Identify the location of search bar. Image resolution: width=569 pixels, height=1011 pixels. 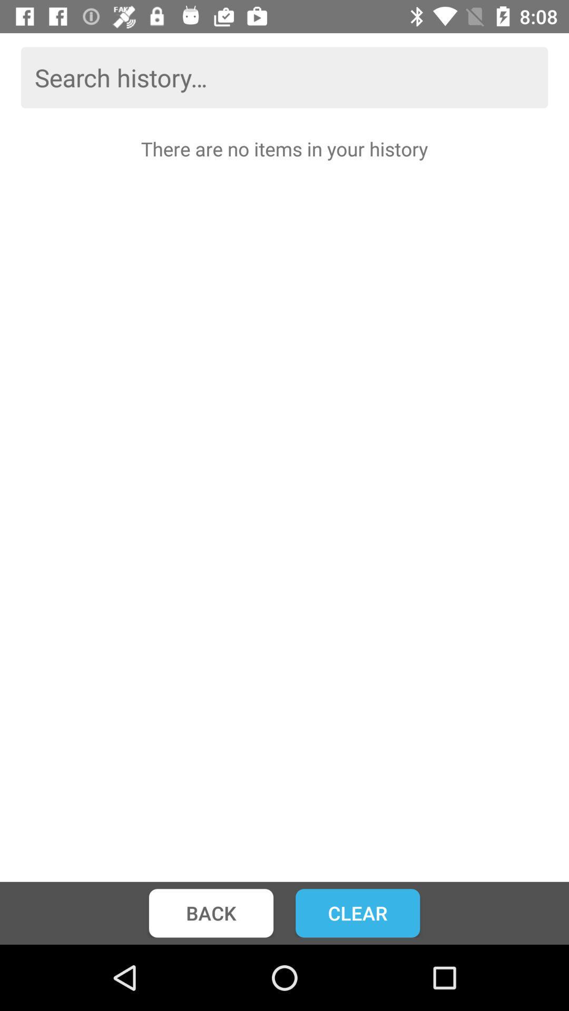
(284, 77).